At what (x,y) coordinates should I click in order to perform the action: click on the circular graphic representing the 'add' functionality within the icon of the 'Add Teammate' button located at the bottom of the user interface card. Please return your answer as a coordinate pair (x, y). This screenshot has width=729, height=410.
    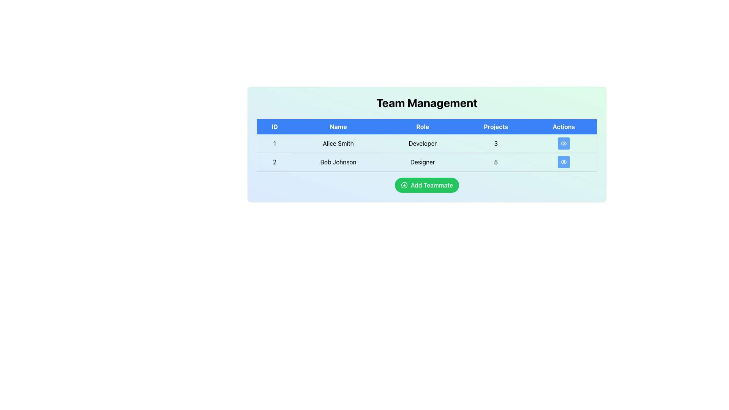
    Looking at the image, I should click on (404, 185).